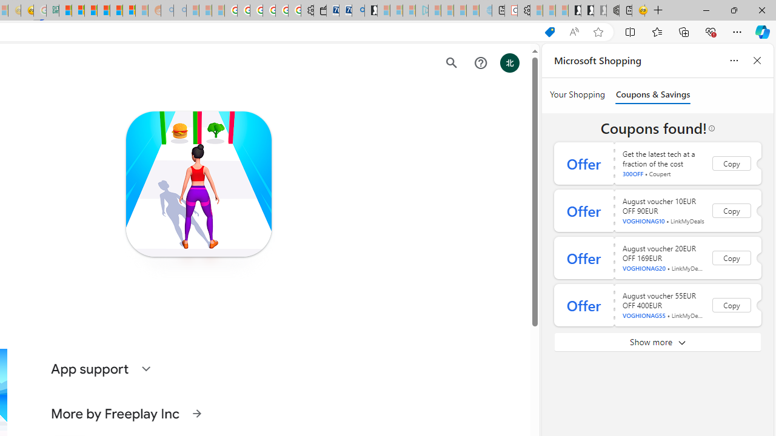 Image resolution: width=776 pixels, height=436 pixels. I want to click on 'Microsoft account | Privacy - Sleeping', so click(409, 10).